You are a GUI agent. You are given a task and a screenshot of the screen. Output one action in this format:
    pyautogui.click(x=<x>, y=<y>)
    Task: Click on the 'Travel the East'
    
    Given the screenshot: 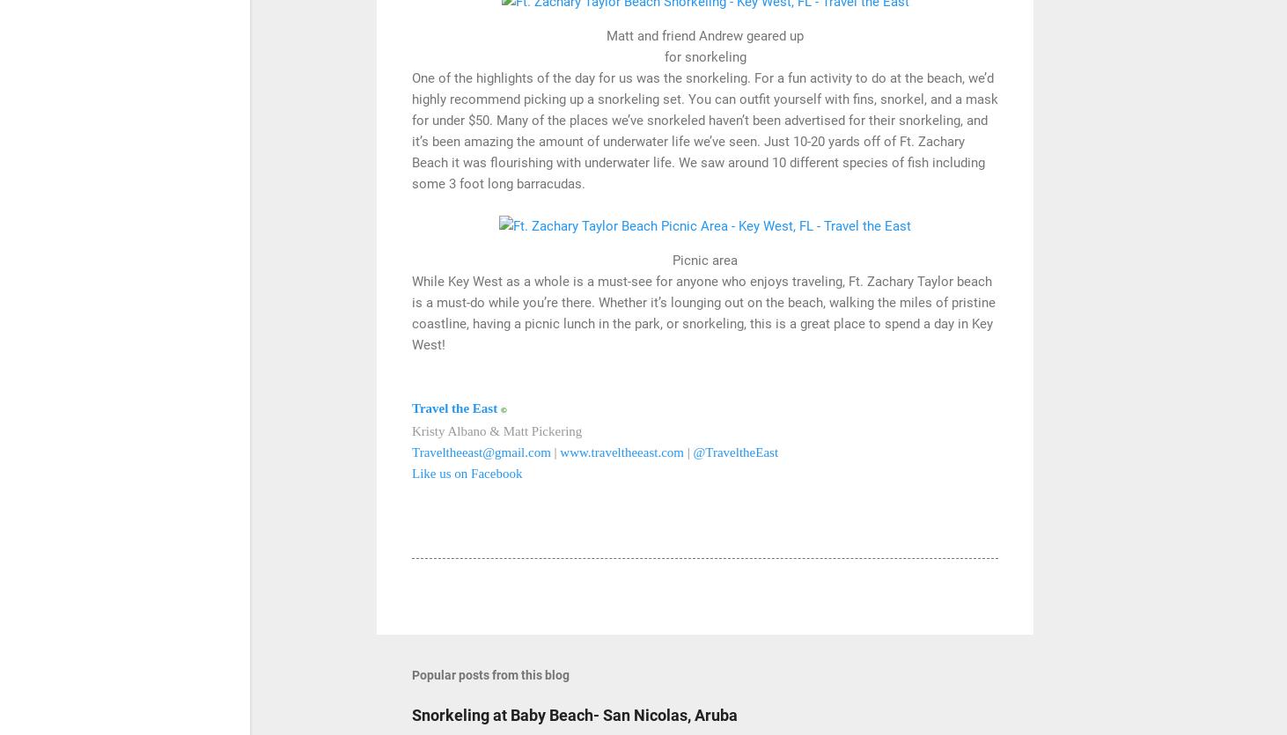 What is the action you would take?
    pyautogui.click(x=454, y=407)
    